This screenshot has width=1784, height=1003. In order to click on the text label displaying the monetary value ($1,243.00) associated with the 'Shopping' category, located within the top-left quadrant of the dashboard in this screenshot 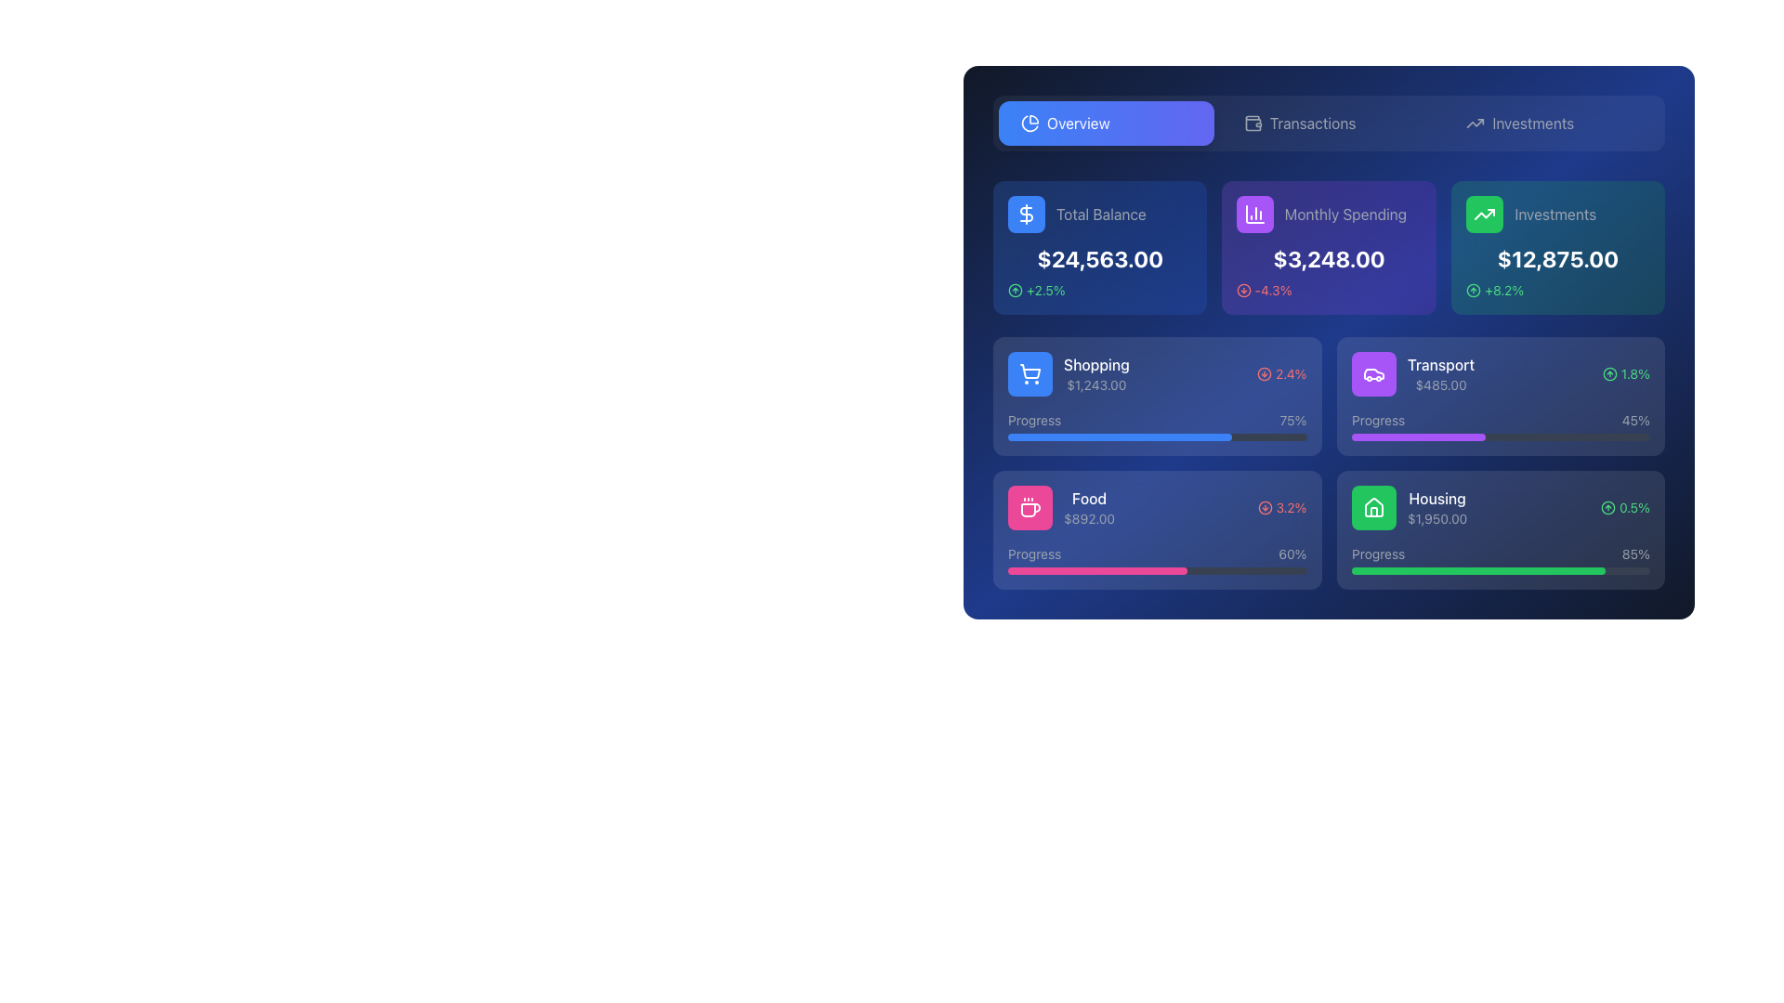, I will do `click(1096, 384)`.